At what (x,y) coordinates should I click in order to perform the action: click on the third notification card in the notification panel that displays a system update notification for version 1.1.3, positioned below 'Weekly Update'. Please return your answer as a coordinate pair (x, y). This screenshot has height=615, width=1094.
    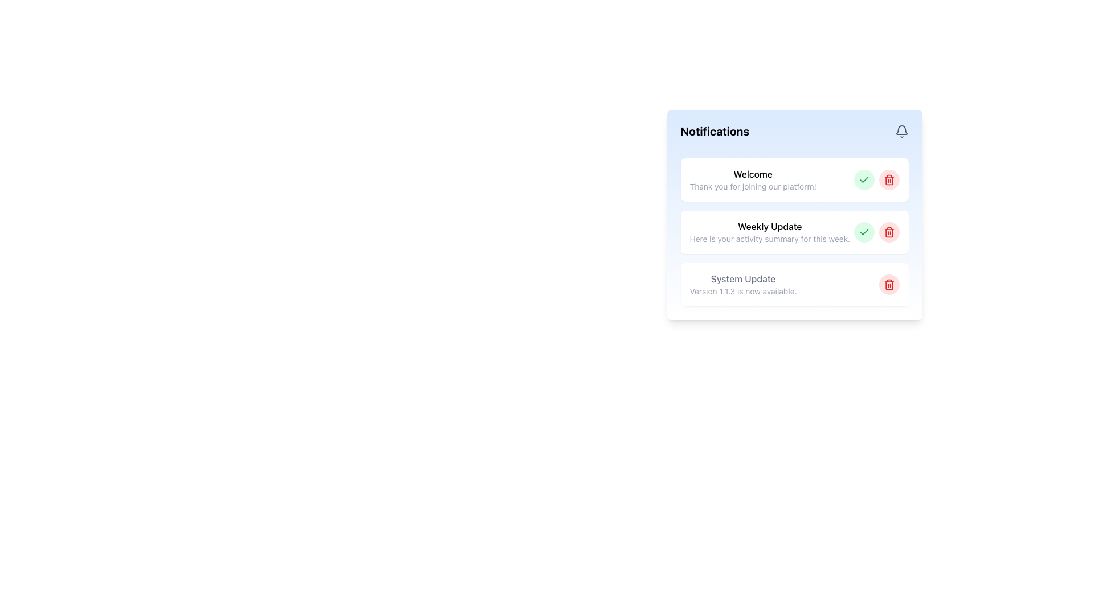
    Looking at the image, I should click on (794, 284).